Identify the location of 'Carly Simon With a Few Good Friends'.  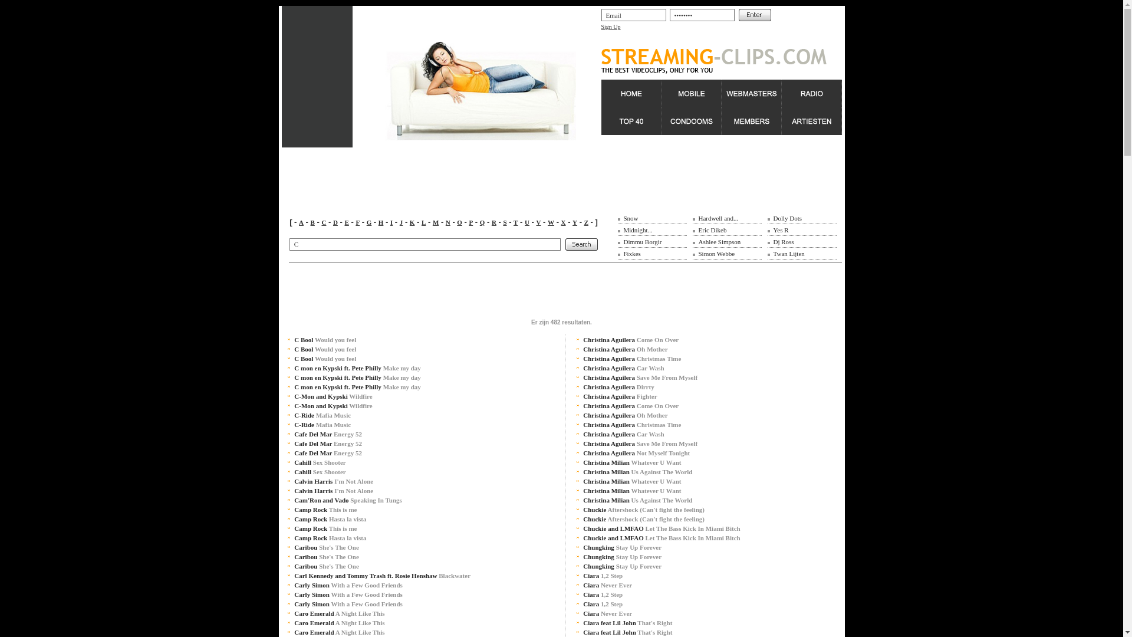
(347, 585).